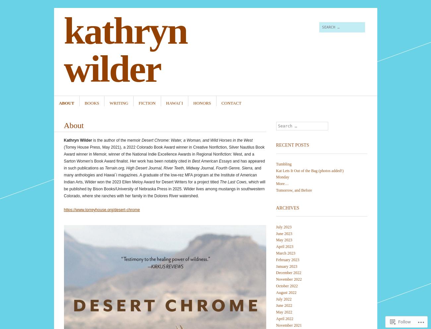 The image size is (431, 329). What do you see at coordinates (284, 312) in the screenshot?
I see `'May 2022'` at bounding box center [284, 312].